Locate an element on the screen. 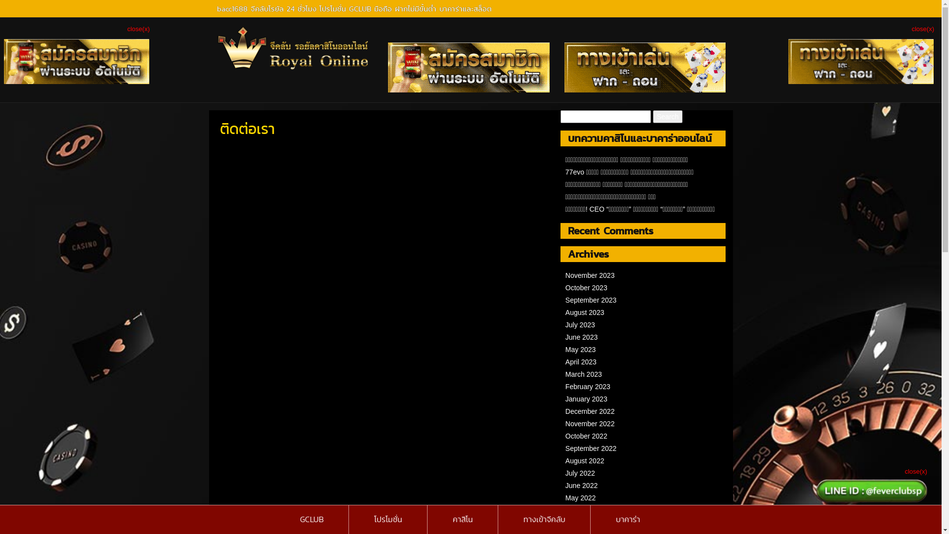 The height and width of the screenshot is (534, 949). 'March 2023' is located at coordinates (583, 374).